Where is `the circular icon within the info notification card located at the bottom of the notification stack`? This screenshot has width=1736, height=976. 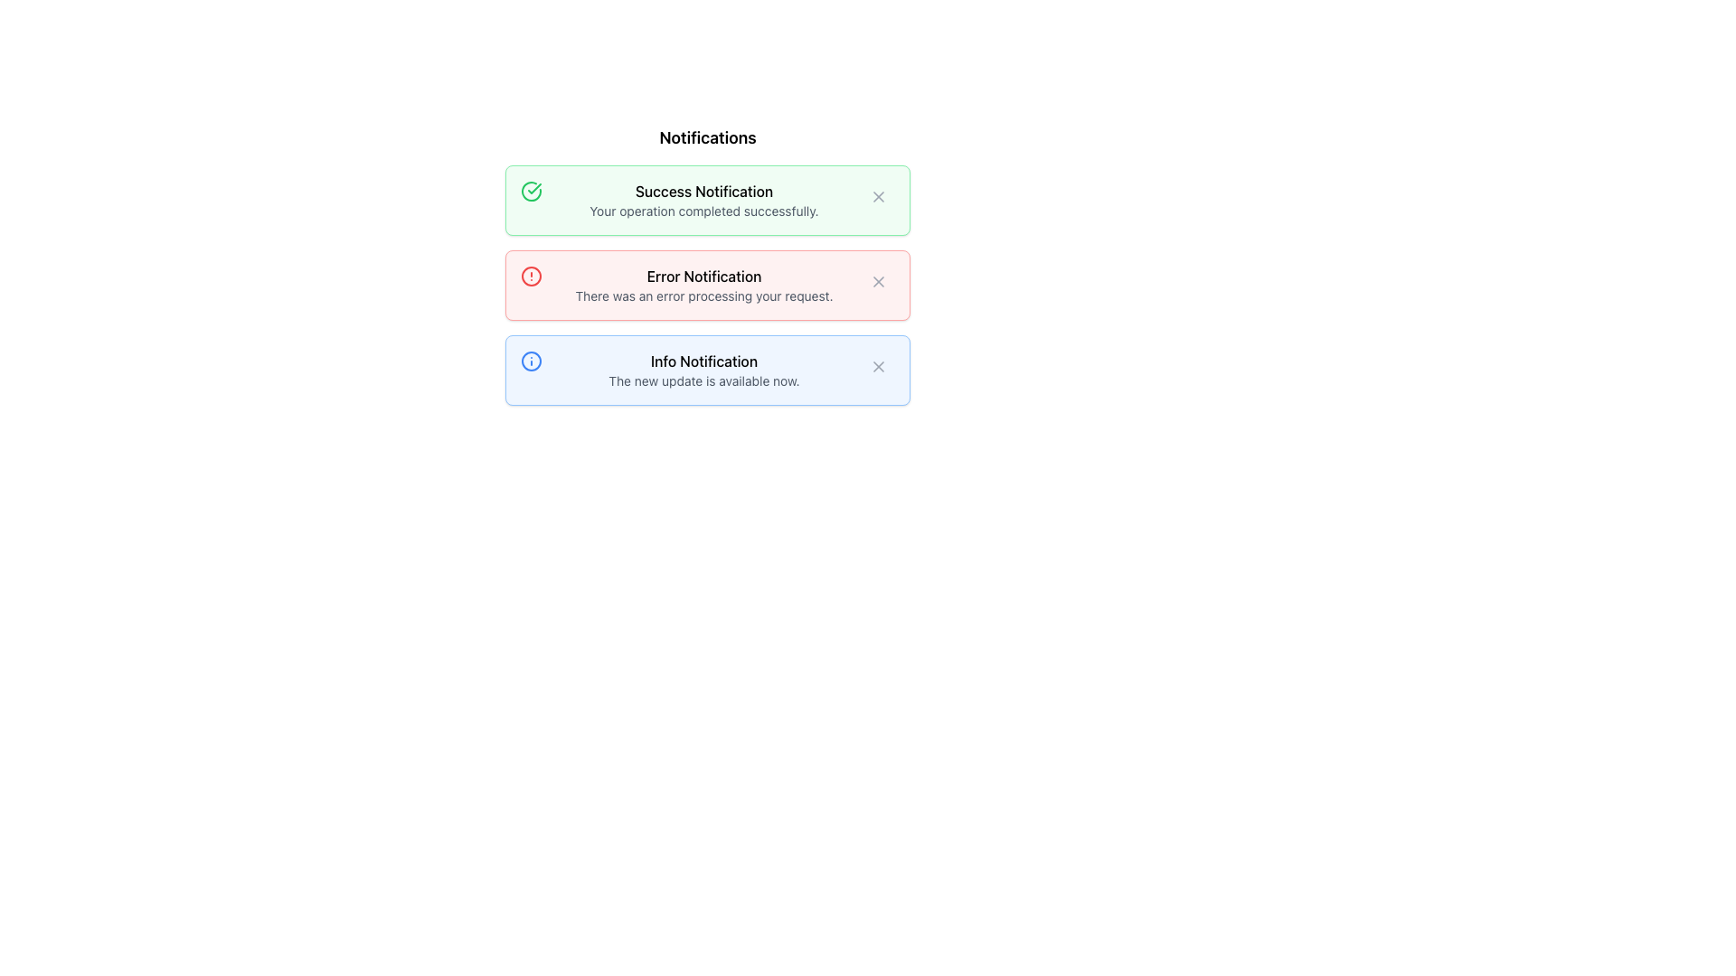 the circular icon within the info notification card located at the bottom of the notification stack is located at coordinates (531, 361).